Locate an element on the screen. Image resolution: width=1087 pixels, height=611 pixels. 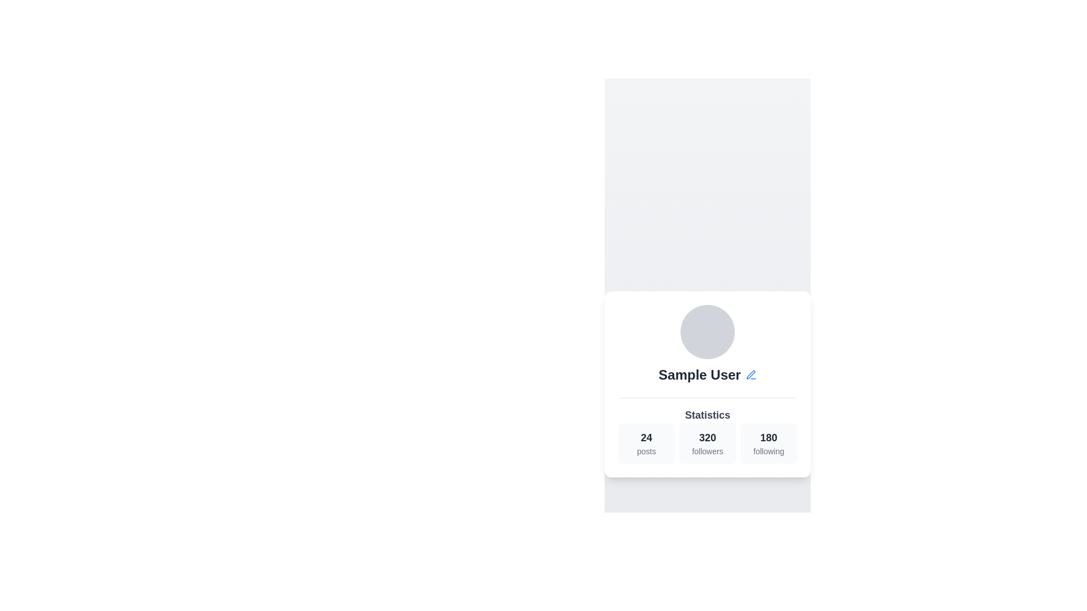
the user name text label, which serves as a header displaying the user's profile name, centrally located beneath the avatar icon in the profile card layout is located at coordinates (699, 375).